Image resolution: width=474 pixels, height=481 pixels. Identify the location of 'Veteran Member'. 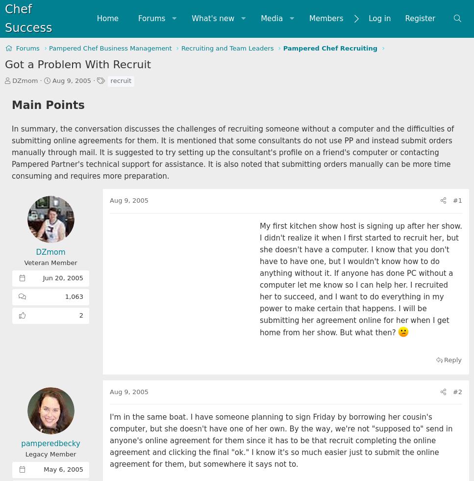
(50, 263).